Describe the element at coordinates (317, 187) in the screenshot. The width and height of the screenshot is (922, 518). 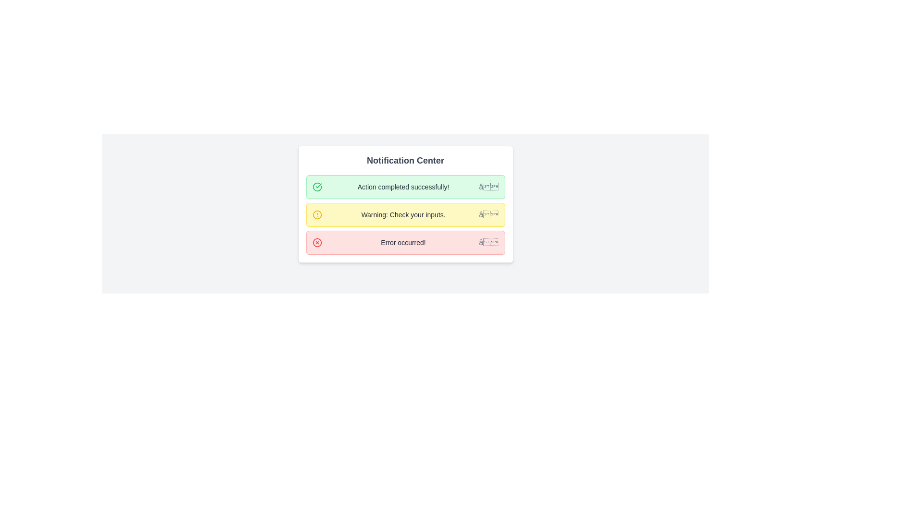
I see `the outer curved segment of the green circular check icon located at the far left of the first notification item in the 'Notification Center', which indicates 'Action completed successfully!'` at that location.